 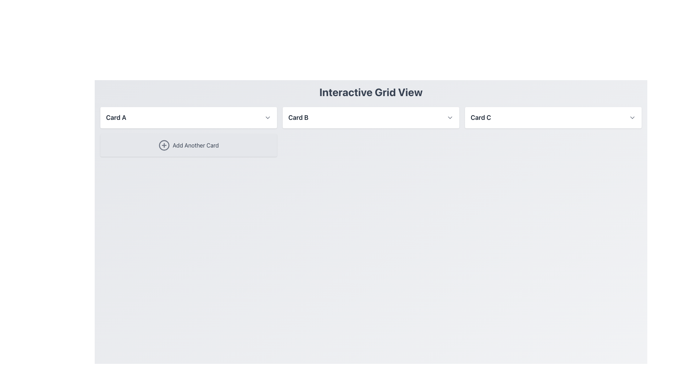 What do you see at coordinates (298, 117) in the screenshot?
I see `the text of the label identifying the middle card as 'Card B', which is located in the middle card section of the interface` at bounding box center [298, 117].